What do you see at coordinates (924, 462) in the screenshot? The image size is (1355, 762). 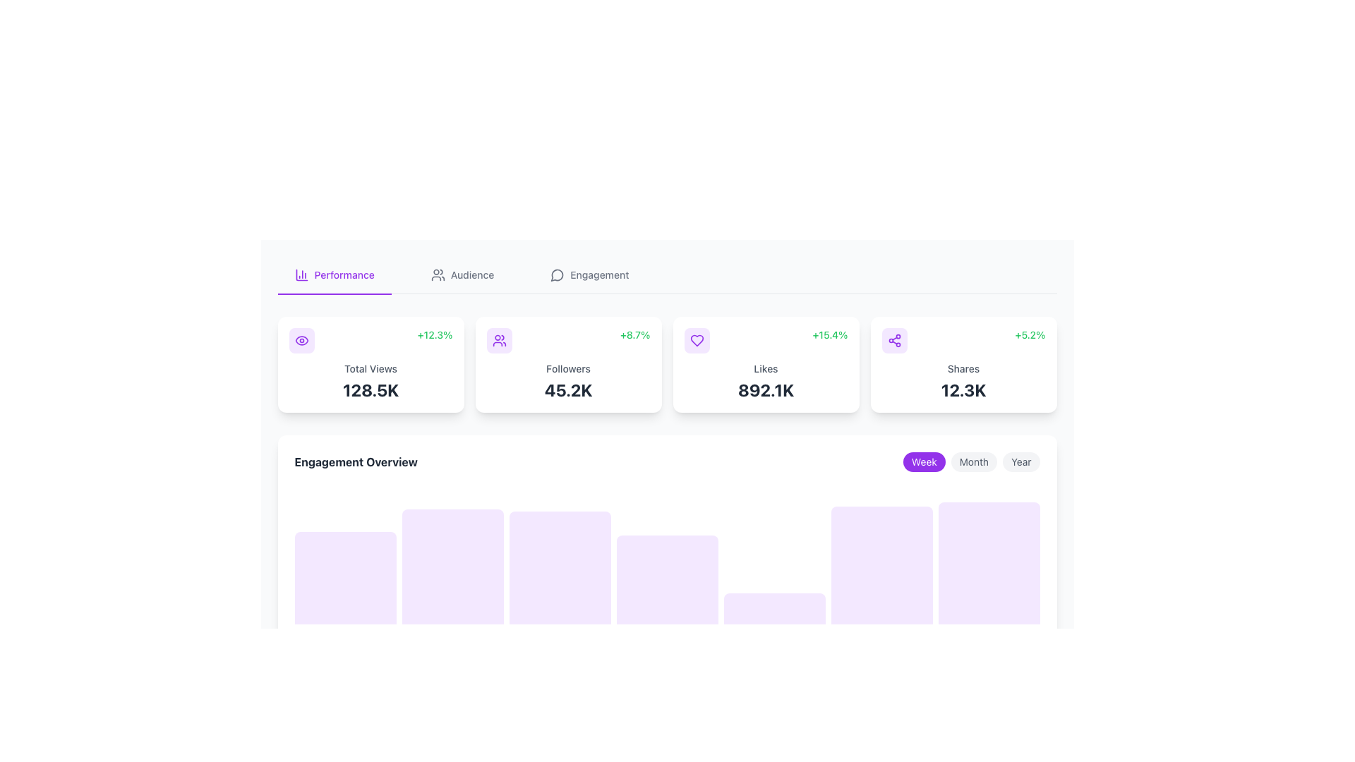 I see `the 'Week' button located at the leftmost position among three horizontally aligned buttons in the 'Engagement Overview' section` at bounding box center [924, 462].